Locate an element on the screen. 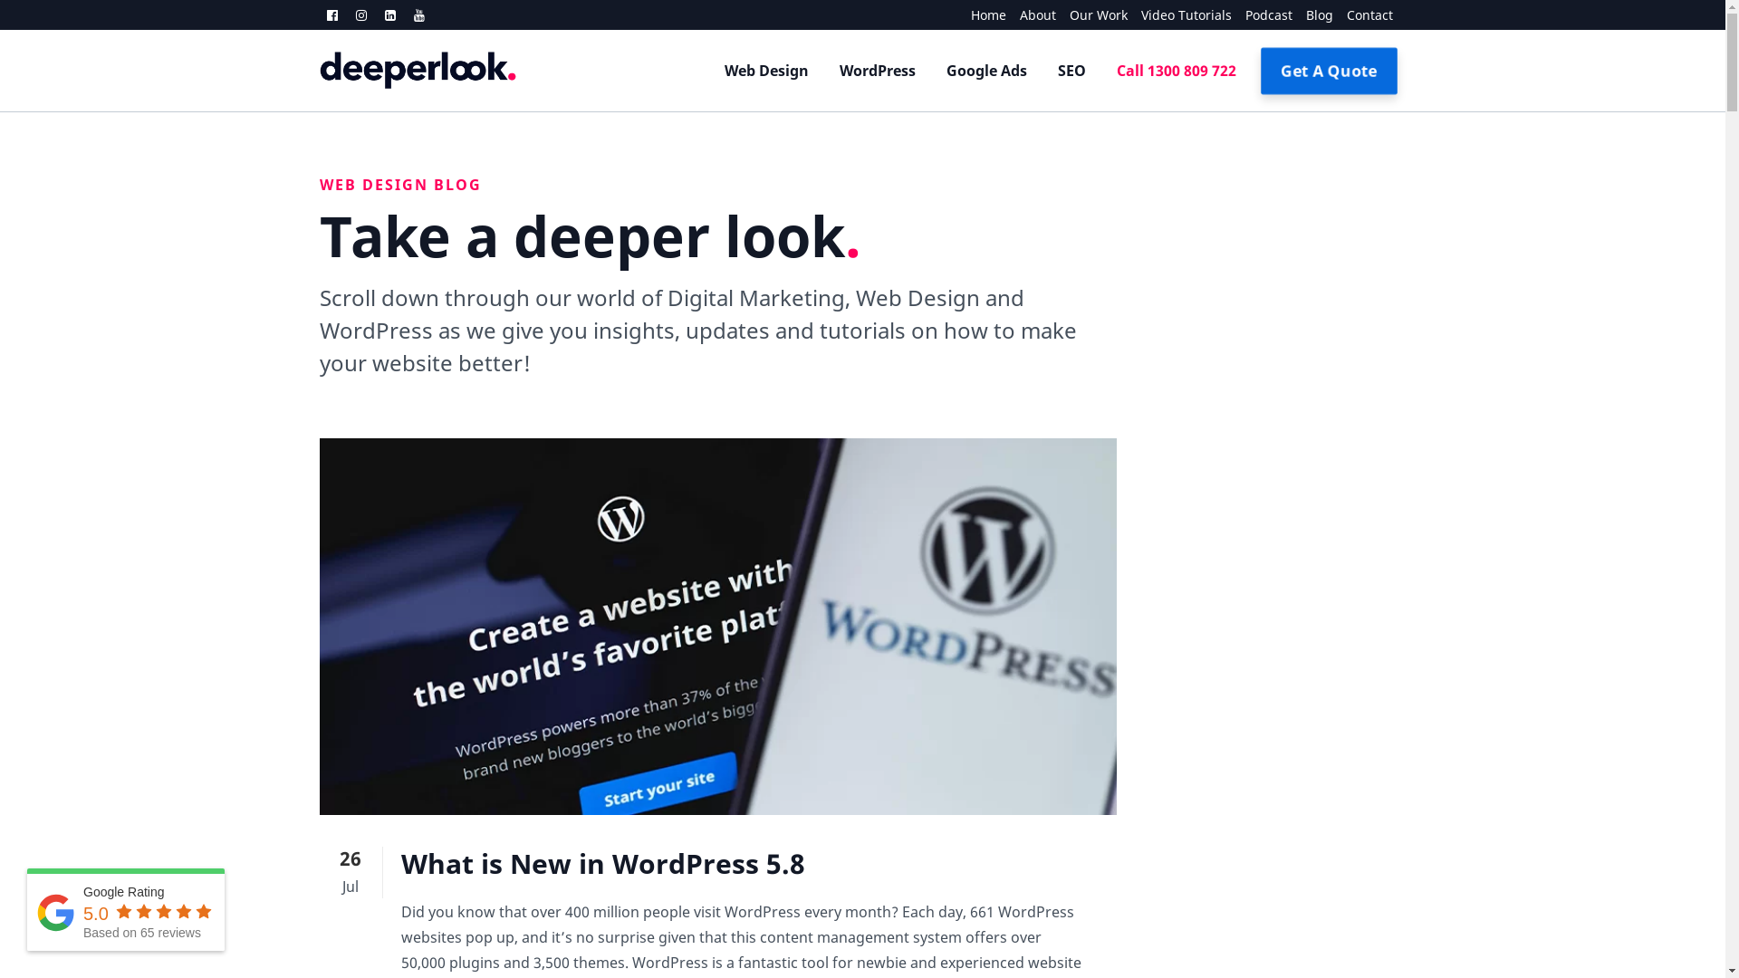  'Web Design' is located at coordinates (707, 69).